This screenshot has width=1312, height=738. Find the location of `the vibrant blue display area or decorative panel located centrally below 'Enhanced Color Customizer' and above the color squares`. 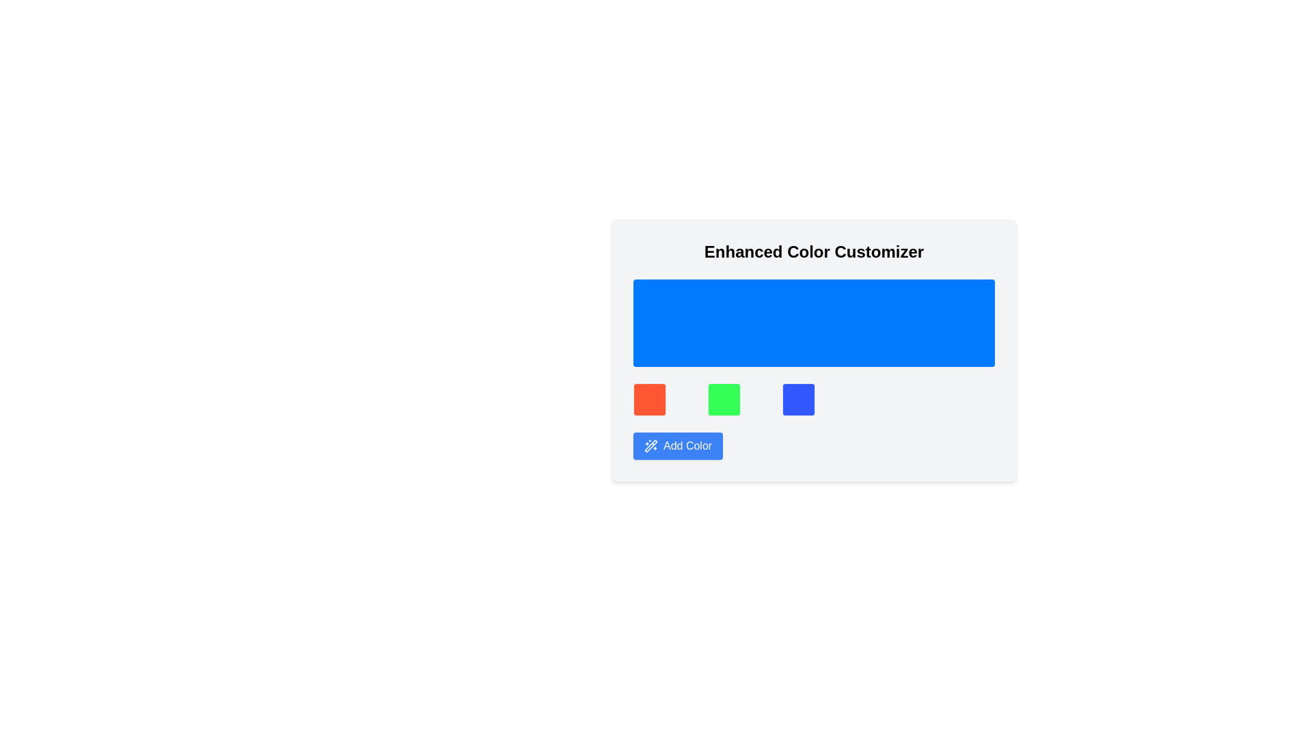

the vibrant blue display area or decorative panel located centrally below 'Enhanced Color Customizer' and above the color squares is located at coordinates (814, 357).